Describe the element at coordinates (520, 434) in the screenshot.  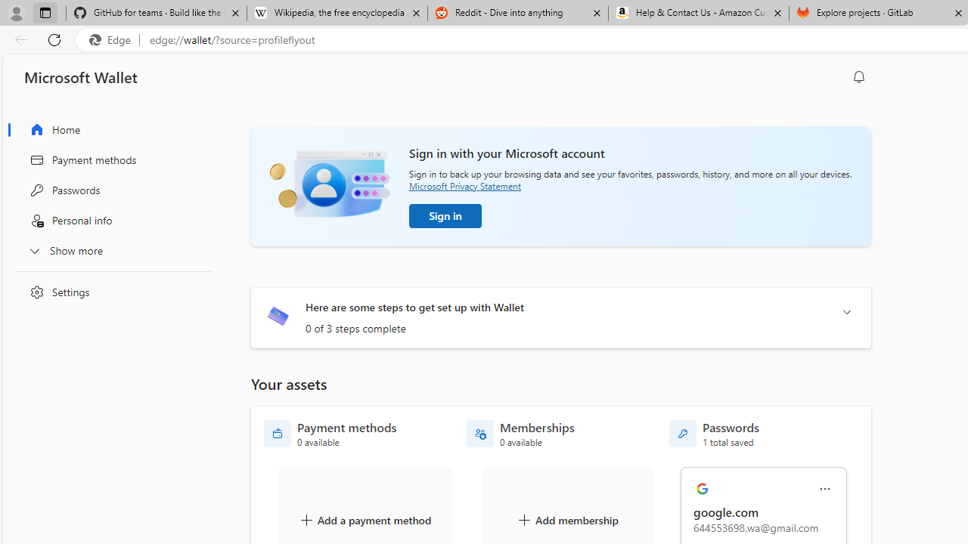
I see `'Memberships - 0 available'` at that location.